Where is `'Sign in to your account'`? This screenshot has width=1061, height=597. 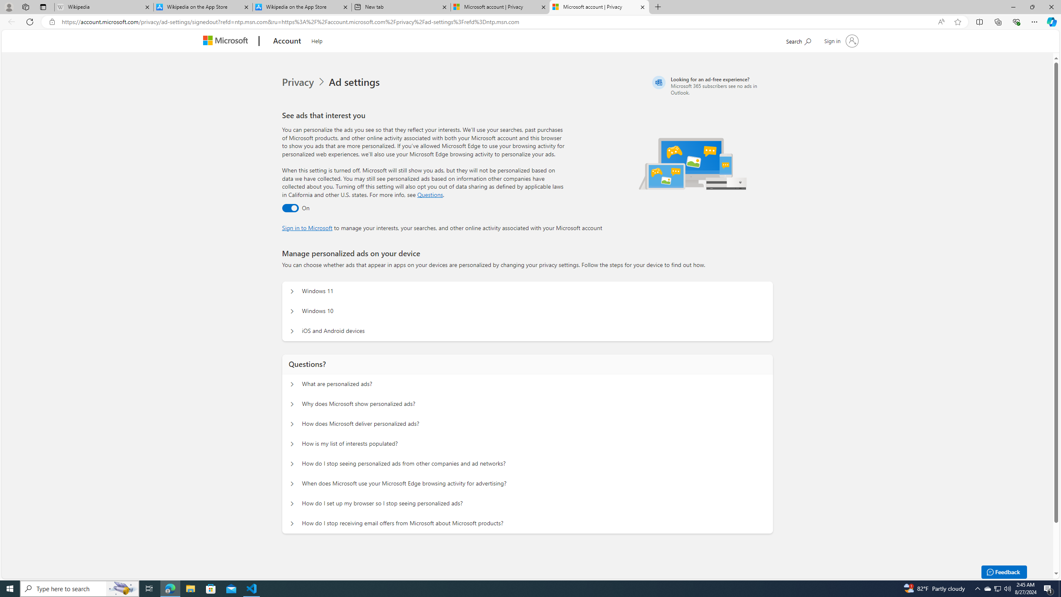
'Sign in to your account' is located at coordinates (840, 40).